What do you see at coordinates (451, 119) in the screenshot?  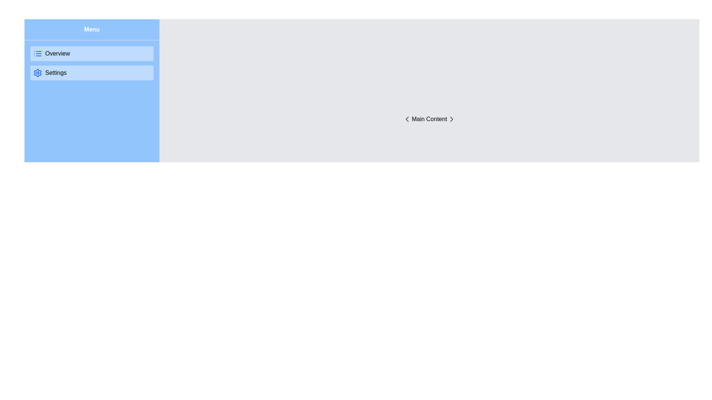 I see `the right-facing chevron arrow icon used for navigation, which is positioned inline with the text label 'Main Content'` at bounding box center [451, 119].